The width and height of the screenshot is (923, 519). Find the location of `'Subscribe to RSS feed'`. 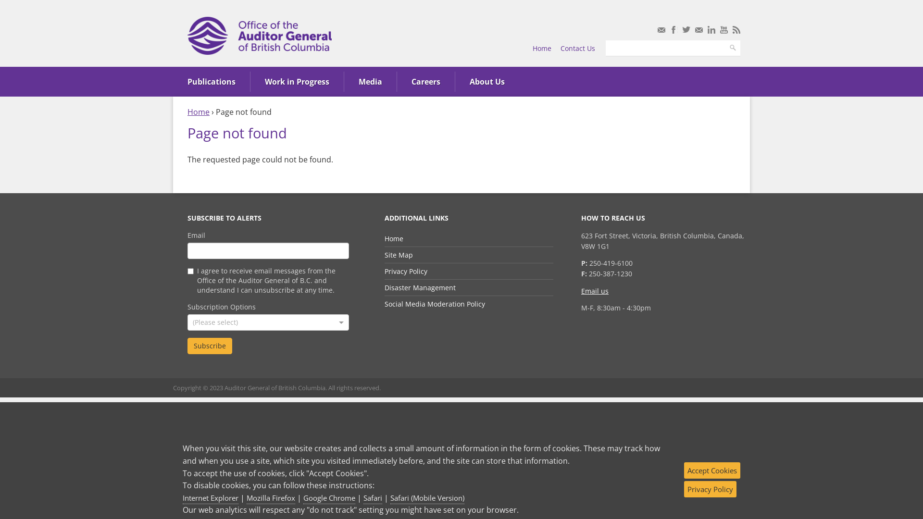

'Subscribe to RSS feed' is located at coordinates (736, 29).